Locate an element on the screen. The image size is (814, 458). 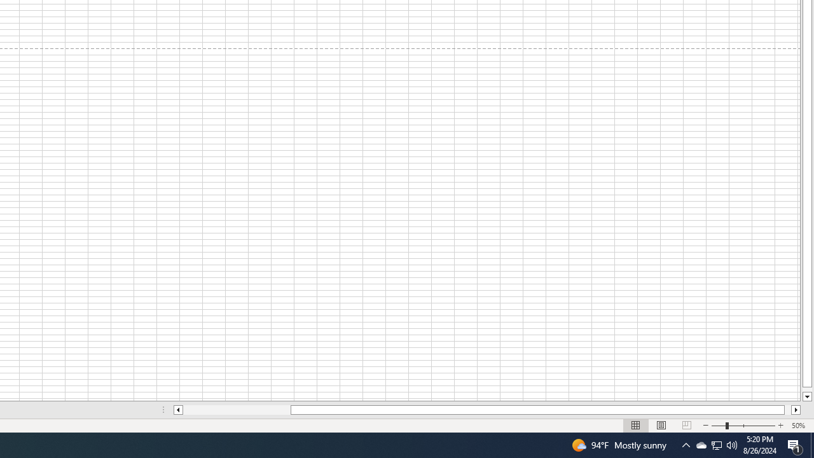
'Page left' is located at coordinates (237, 410).